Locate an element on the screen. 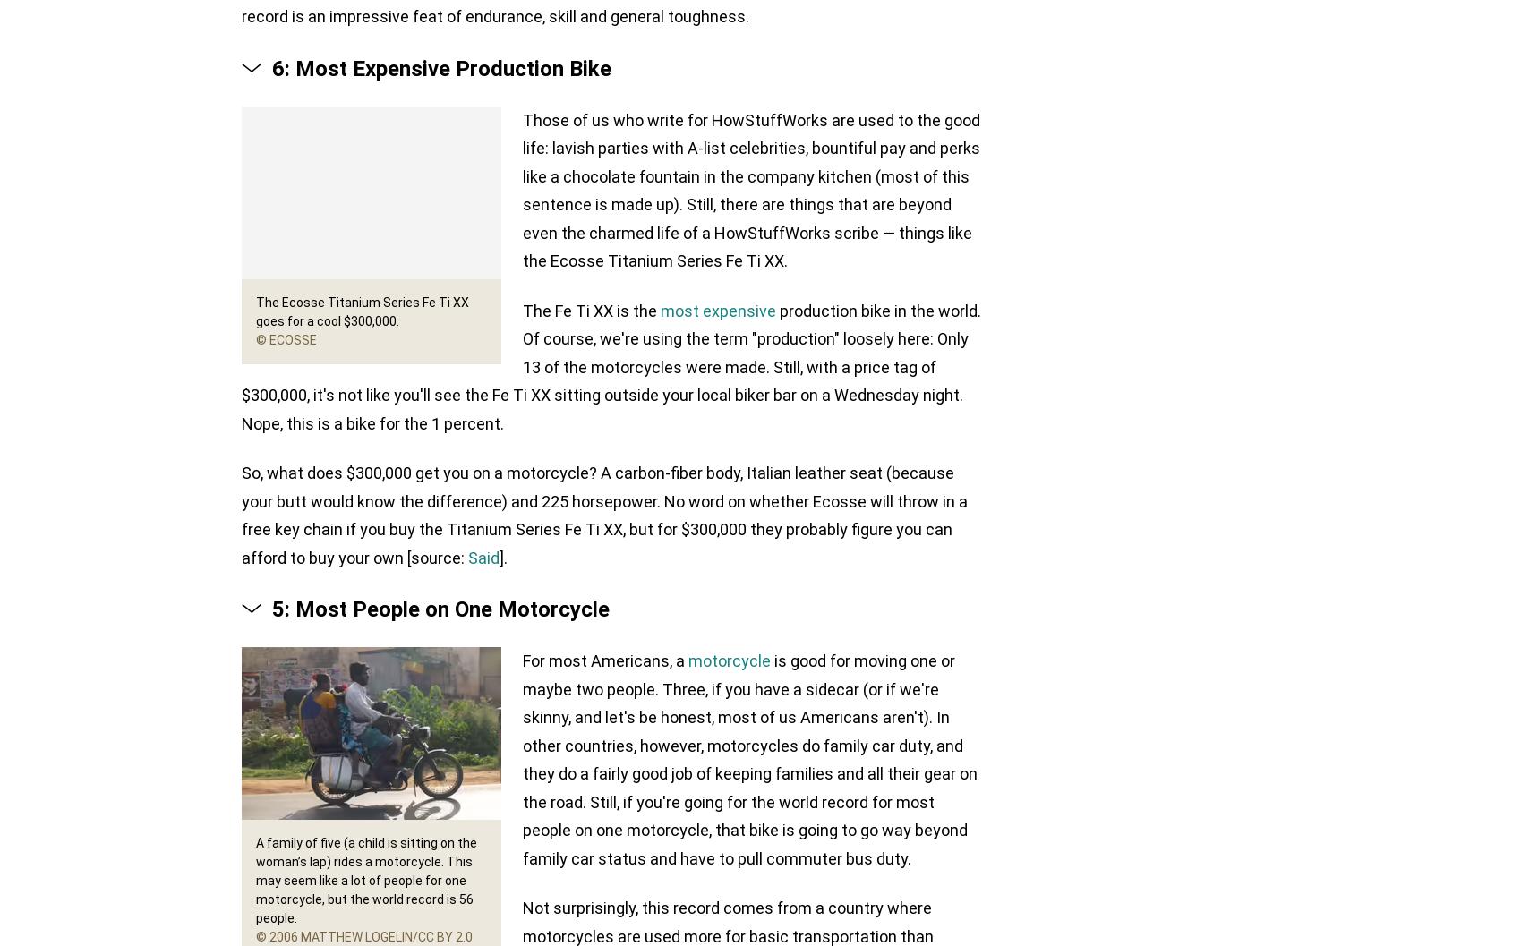 The image size is (1529, 946). 'So, what does $300,000 get you on a motorcycle? A carbon-fiber body, Italian leather seat (because your butt would know the difference) and 225 horsepower. No word on whether Ecosse will throw in a free key chain if you buy the Titanium Series Fe Ti XX, but for $300,000 they probably figure you can afford to buy your own [source:' is located at coordinates (604, 514).